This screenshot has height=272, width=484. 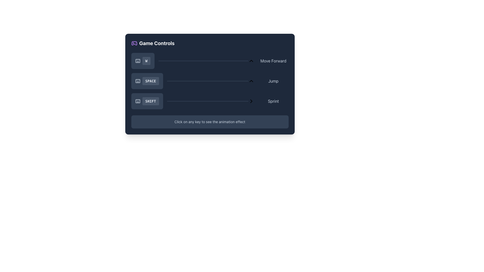 What do you see at coordinates (203, 61) in the screenshot?
I see `the thin horizontal Progress Bar with a slate-colored background and a purple hue at the far left, positioned next to the 'W' button and above the 'SPACE' button controls` at bounding box center [203, 61].